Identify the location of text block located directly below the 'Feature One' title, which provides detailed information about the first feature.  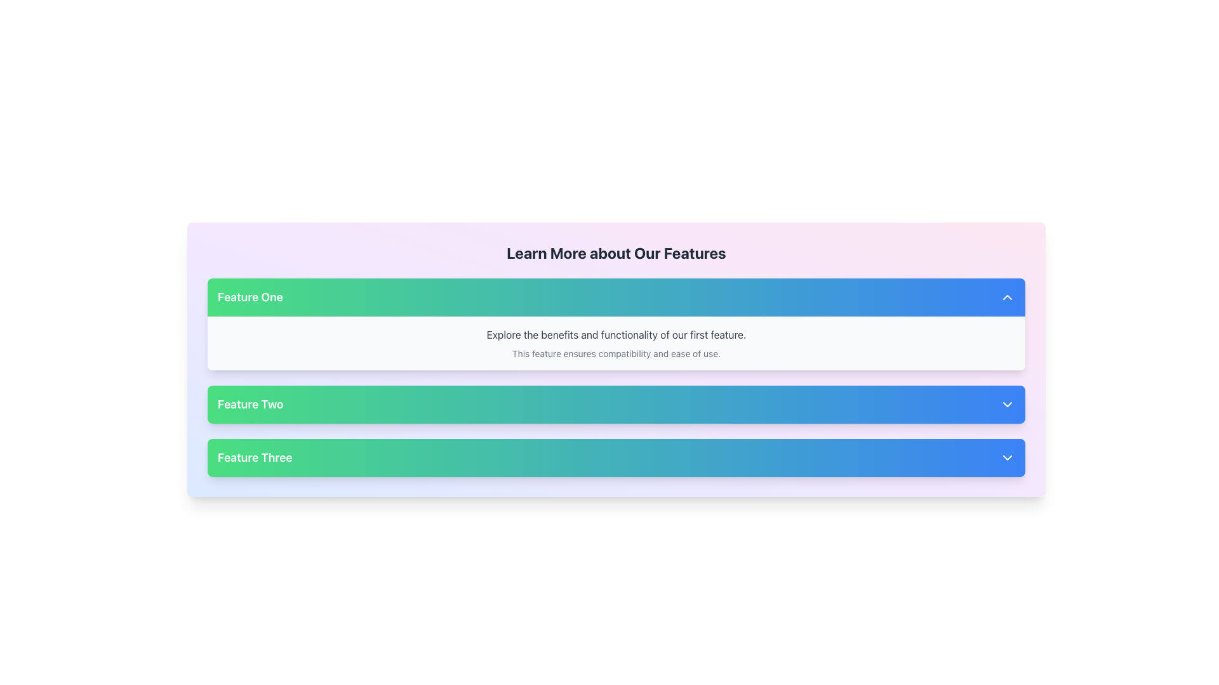
(616, 343).